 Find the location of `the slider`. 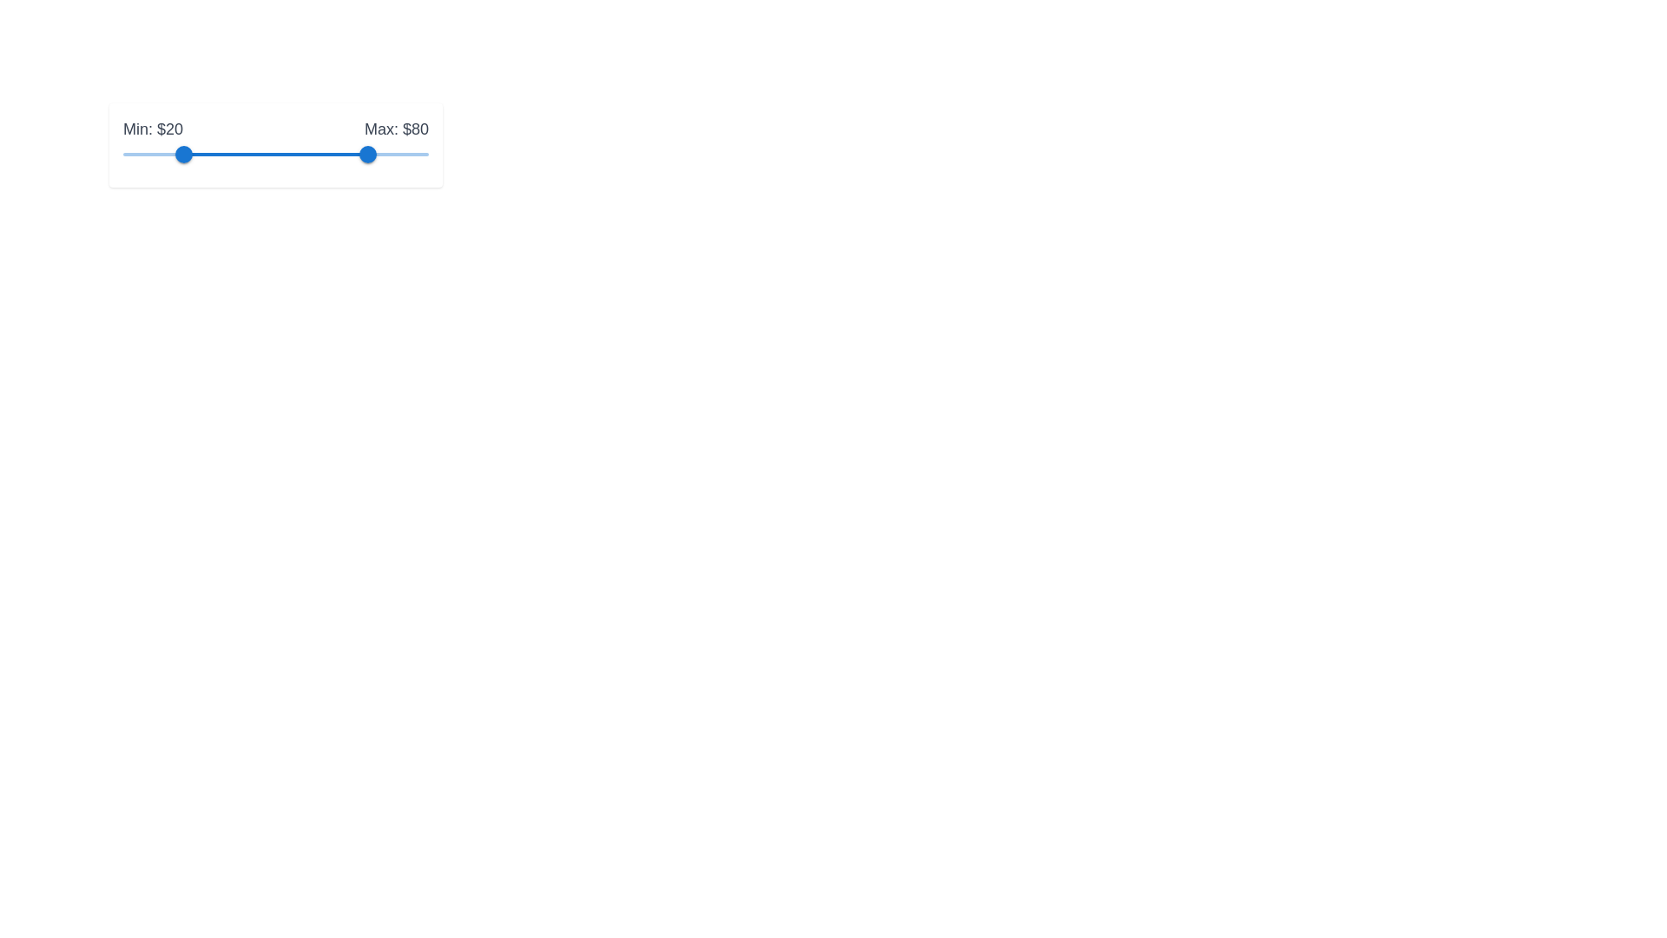

the slider is located at coordinates (300, 153).